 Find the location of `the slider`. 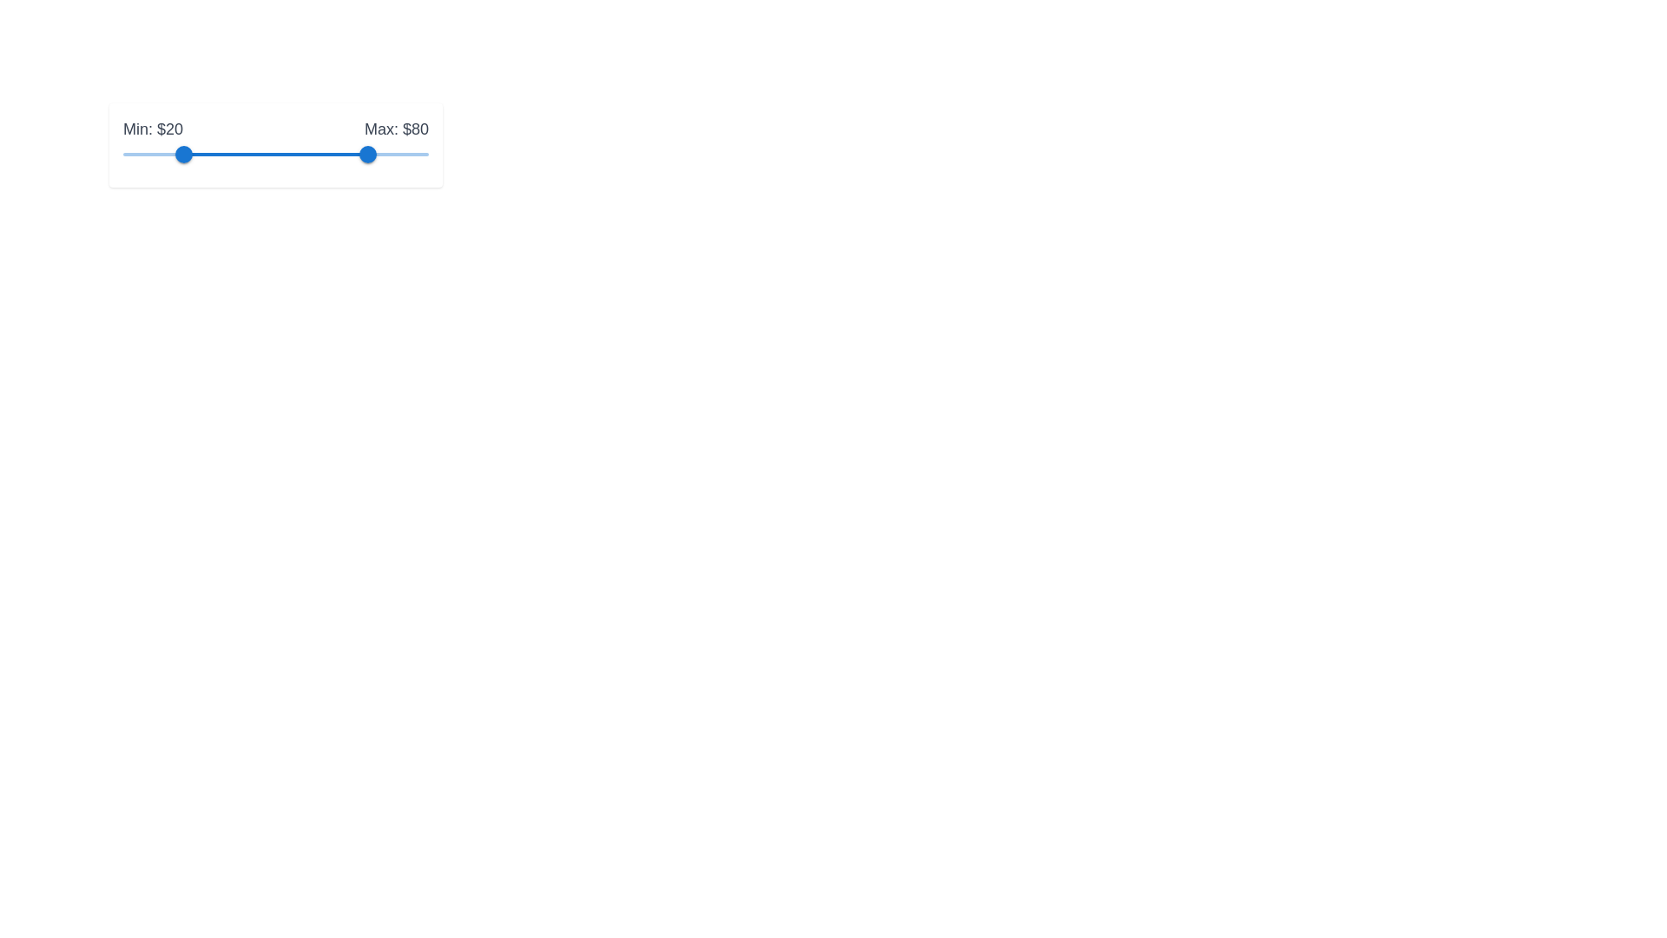

the slider is located at coordinates (300, 153).